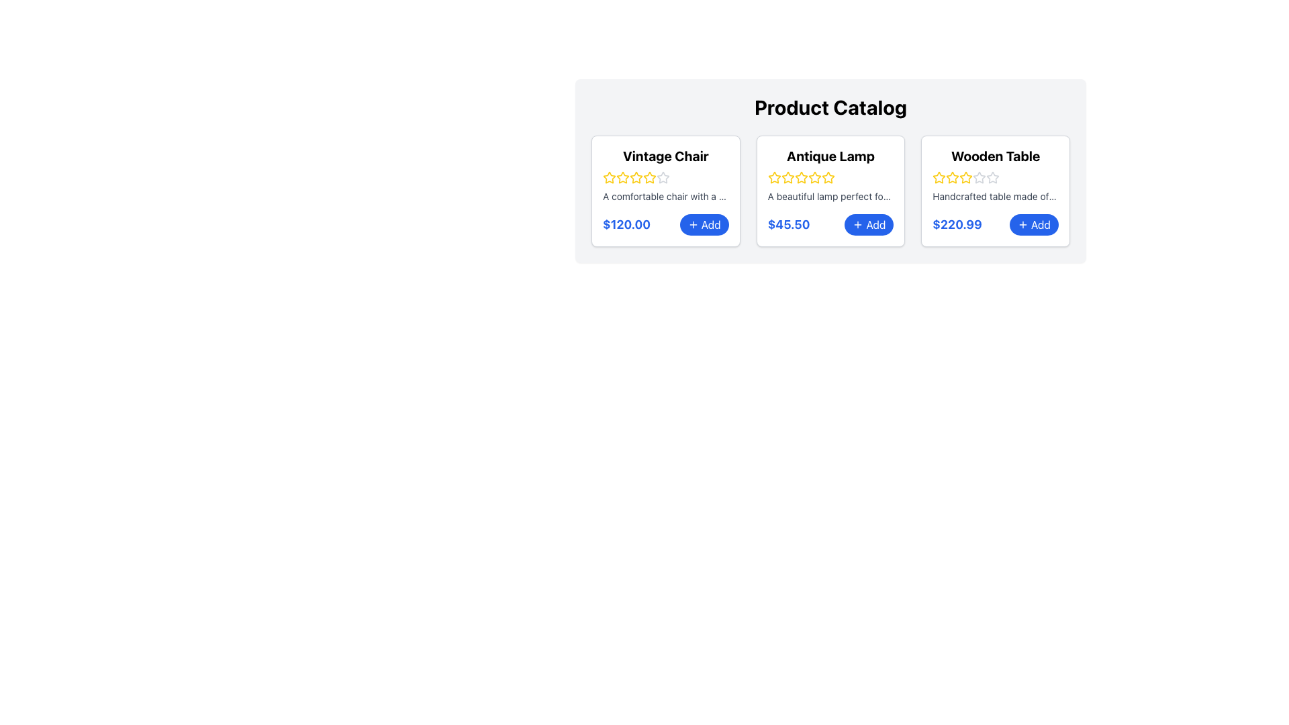 The image size is (1289, 725). Describe the element at coordinates (952, 177) in the screenshot. I see `the third star icon in the five-star rating system for the product 'Wooden Table', which visually represents its user rating` at that location.